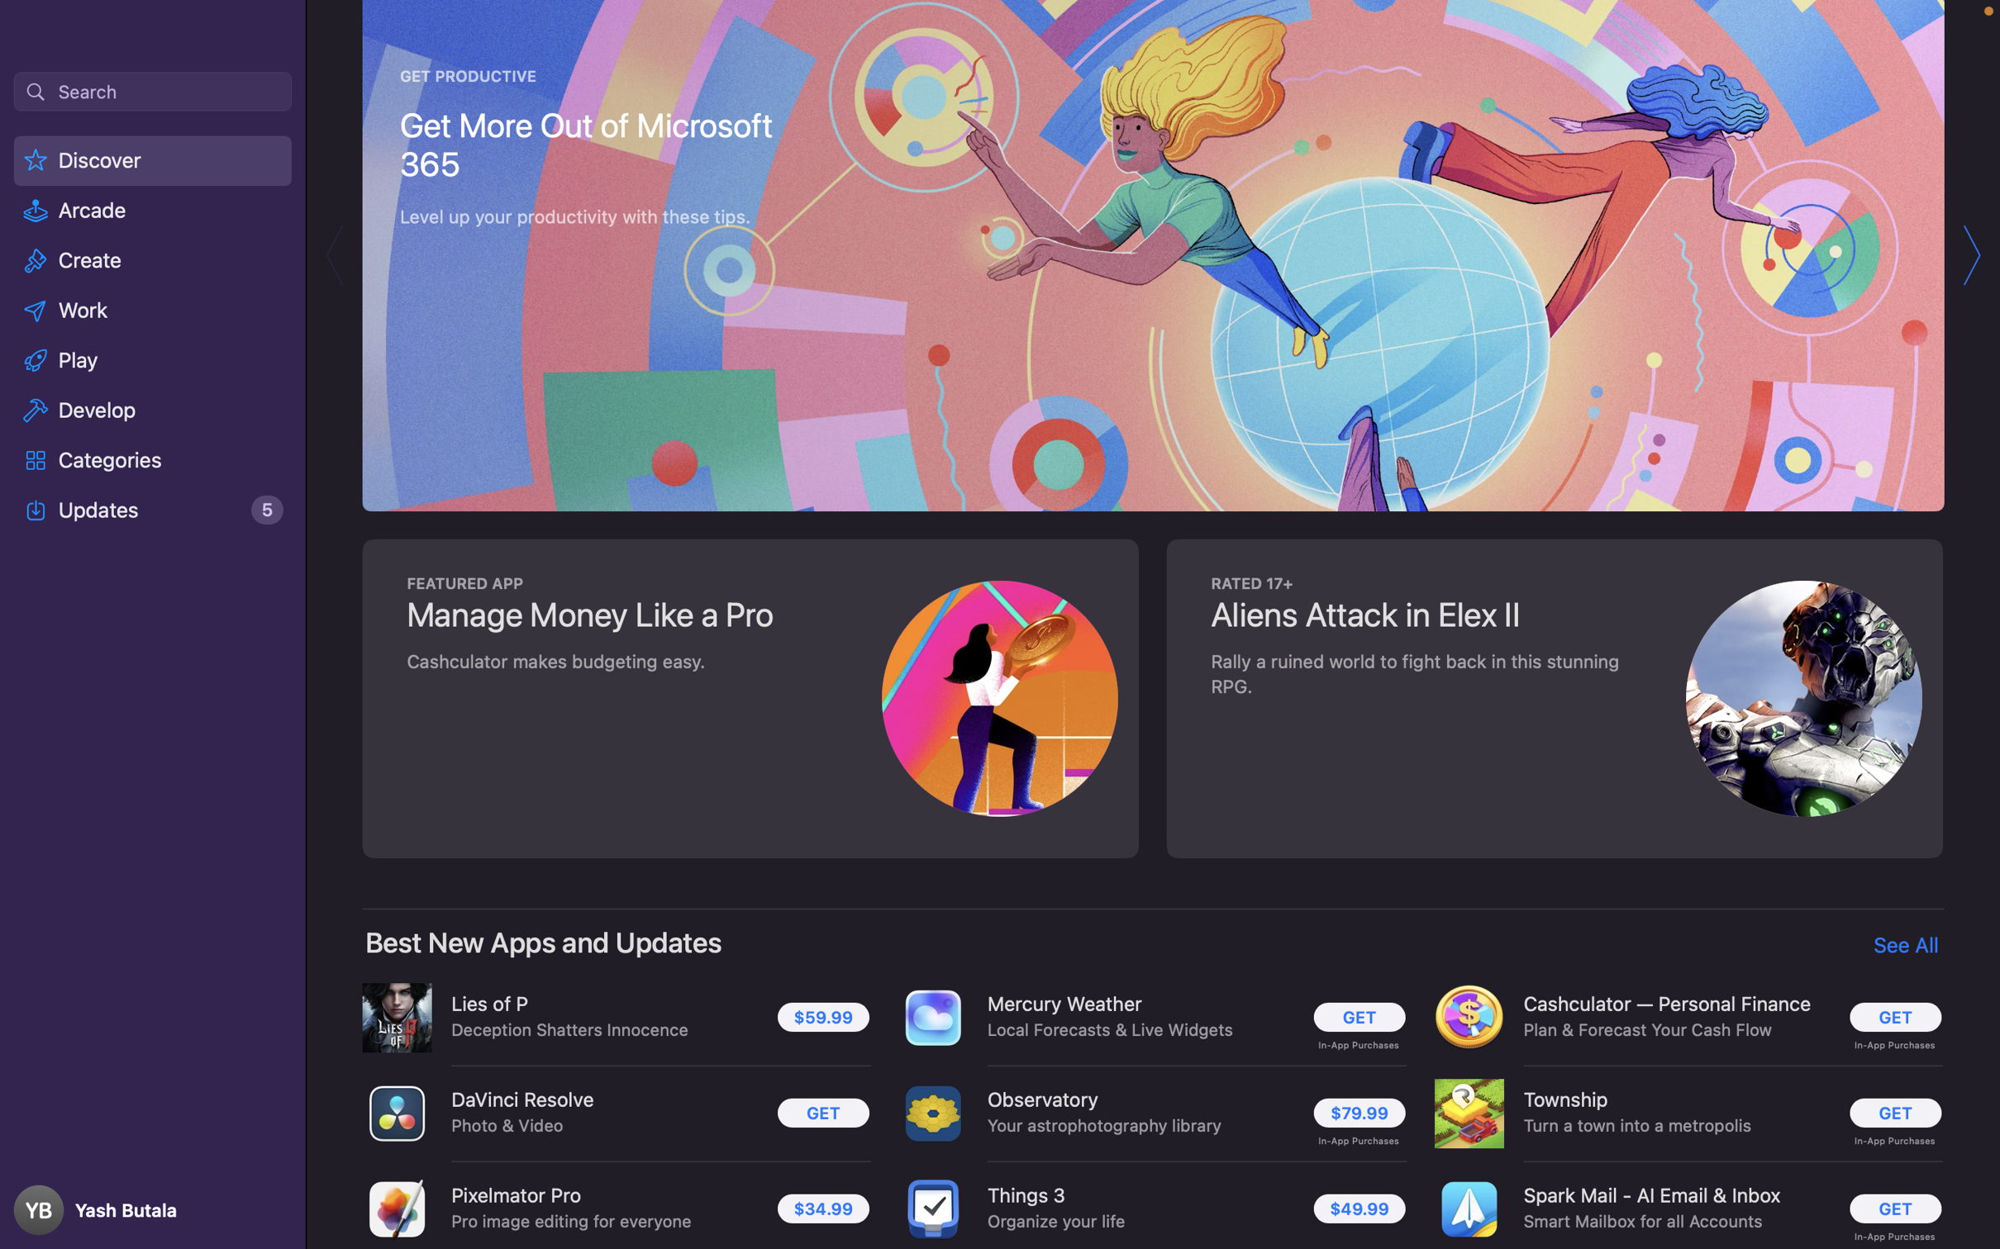 The image size is (2000, 1249). I want to click on Activate the "Create" button, so click(153, 263).